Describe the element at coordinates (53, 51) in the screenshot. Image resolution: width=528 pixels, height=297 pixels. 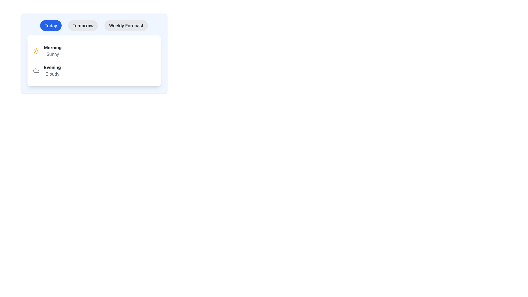
I see `the 'Sunny' weather forecast text label located in the 'Today' tab, which is the first element in a vertical list and is centrally positioned alongside an orange sun icon` at that location.